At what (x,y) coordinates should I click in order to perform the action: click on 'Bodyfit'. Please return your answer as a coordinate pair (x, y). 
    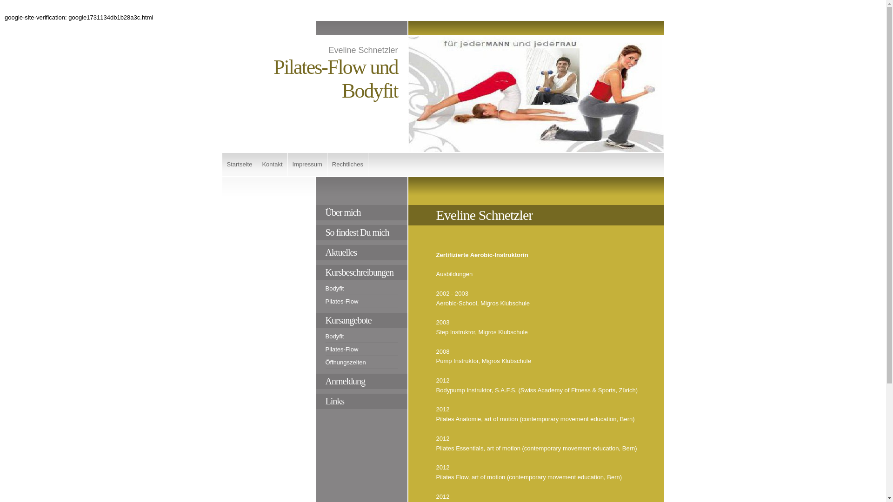
    Looking at the image, I should click on (361, 337).